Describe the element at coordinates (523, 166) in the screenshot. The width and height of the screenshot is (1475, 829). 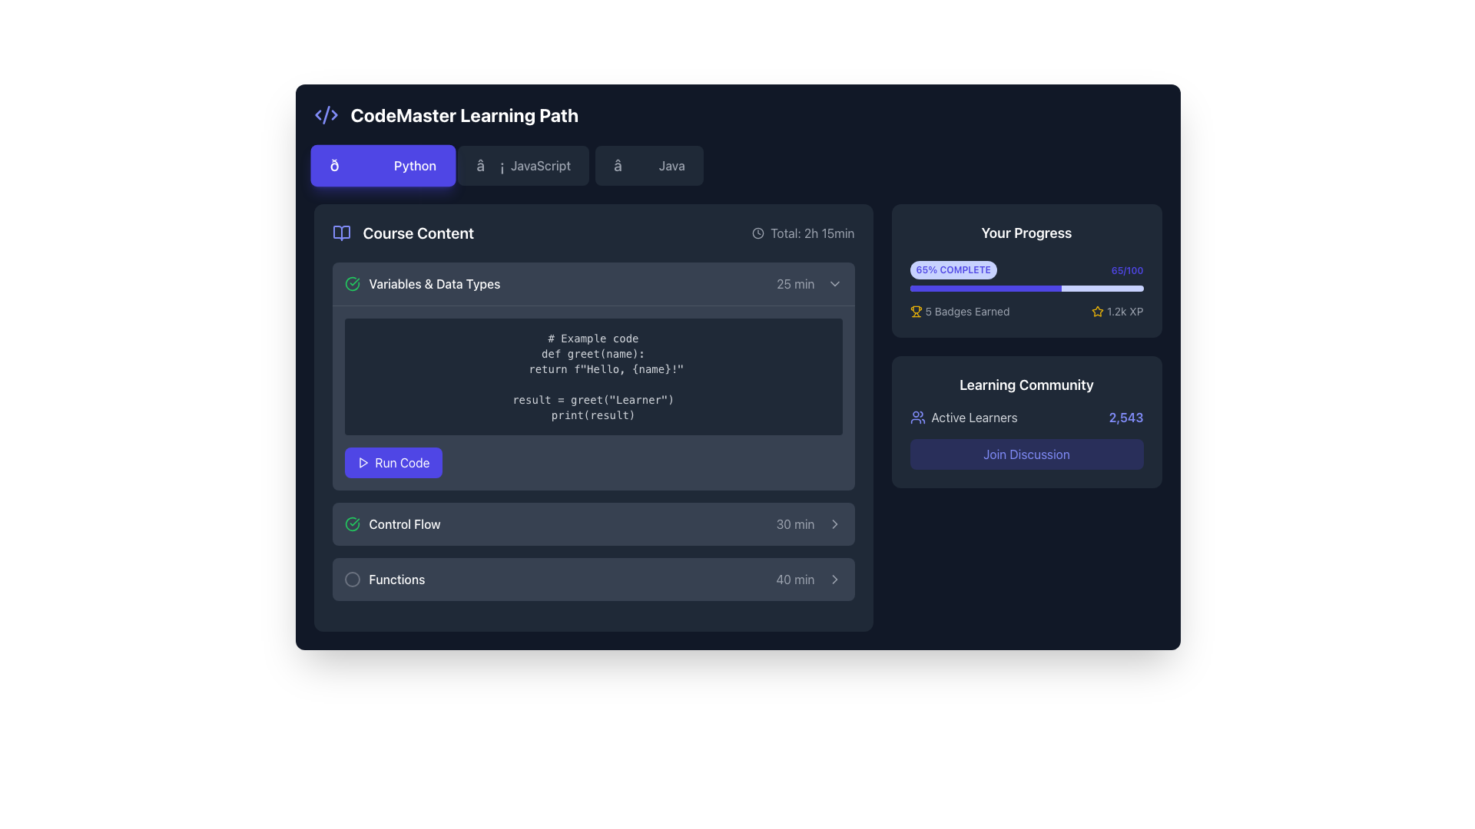
I see `the button positioned between 'Python' and 'Java'` at that location.